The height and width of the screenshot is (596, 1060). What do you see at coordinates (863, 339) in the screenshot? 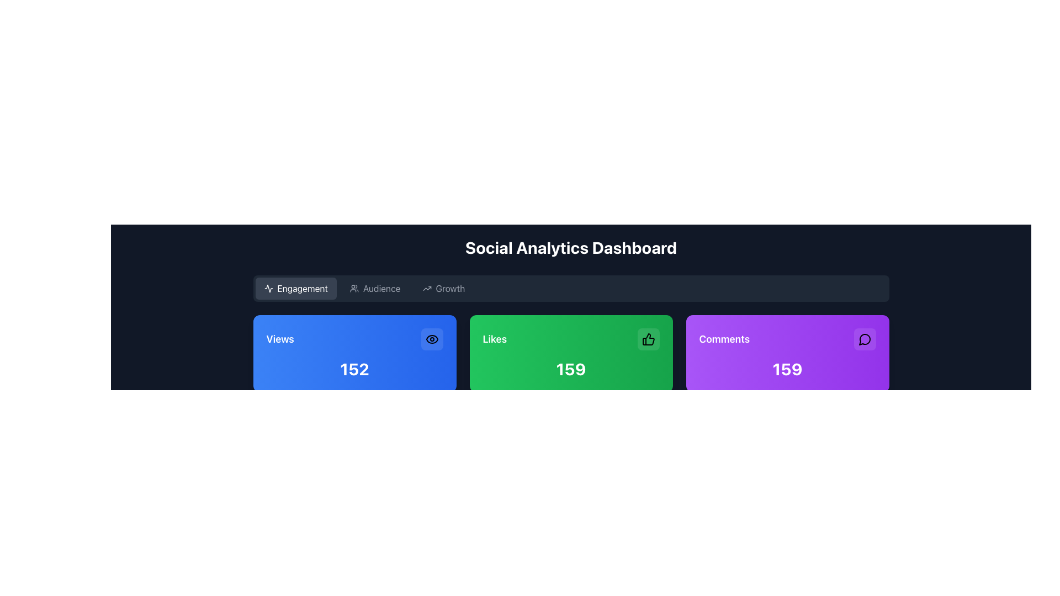
I see `the comments icon located at the top-right corner of the purple 'Comments' card that contains the number '159'` at bounding box center [863, 339].